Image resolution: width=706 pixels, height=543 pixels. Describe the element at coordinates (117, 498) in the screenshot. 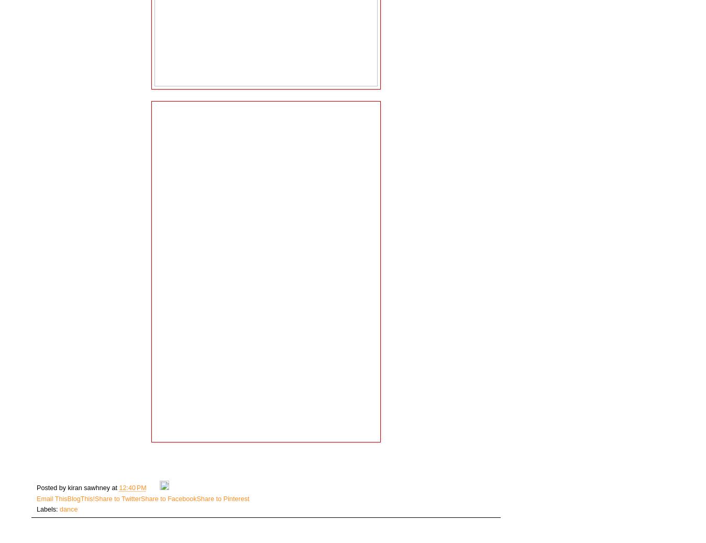

I see `'Share to Twitter'` at that location.